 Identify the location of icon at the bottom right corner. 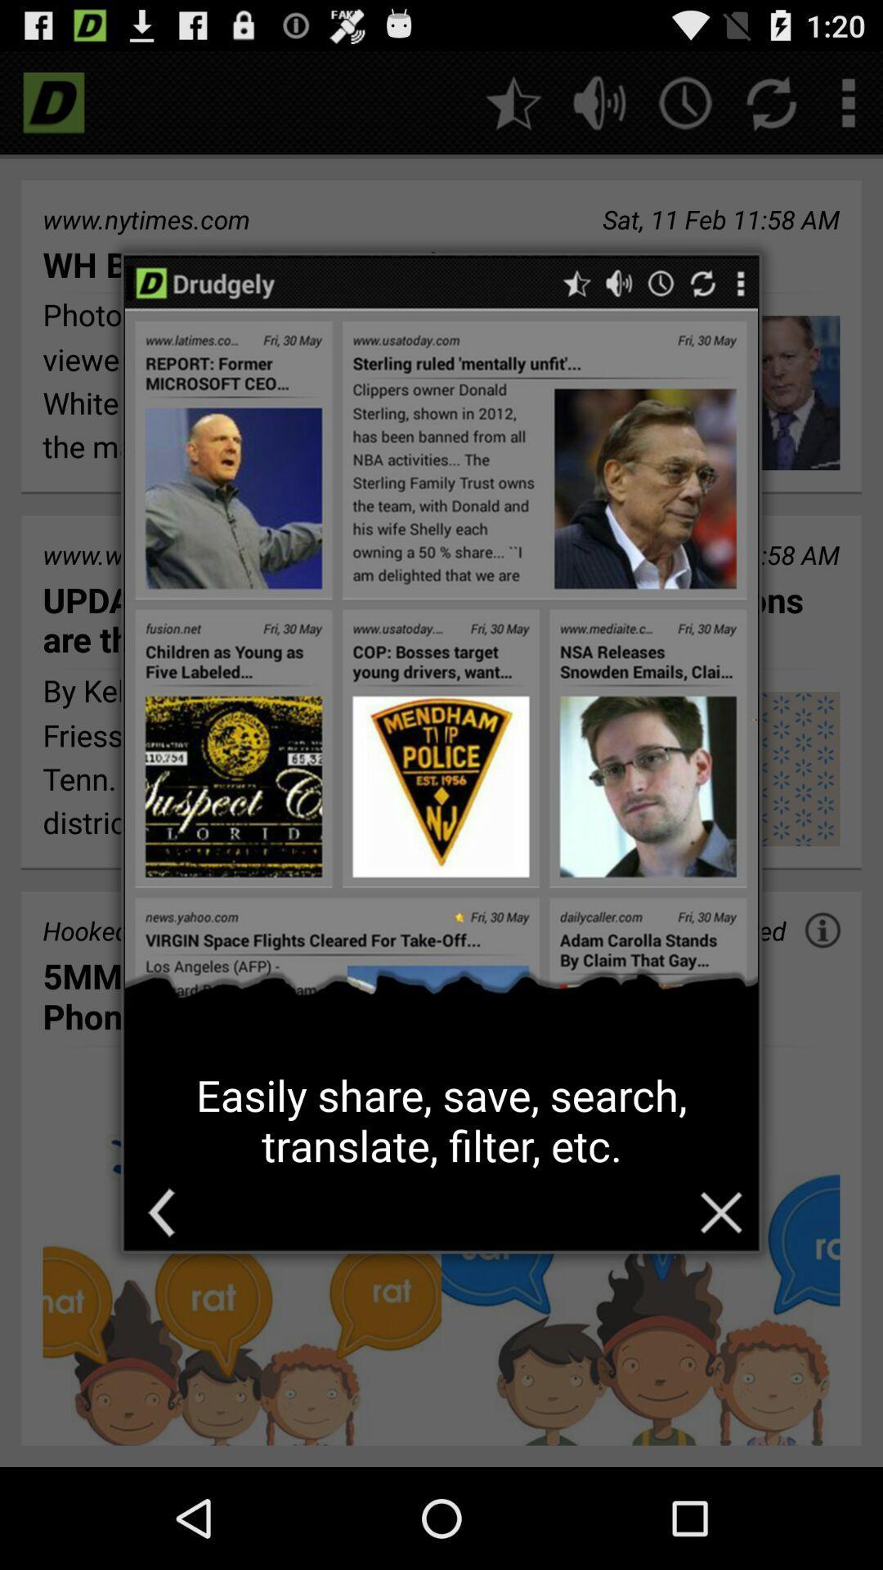
(720, 1213).